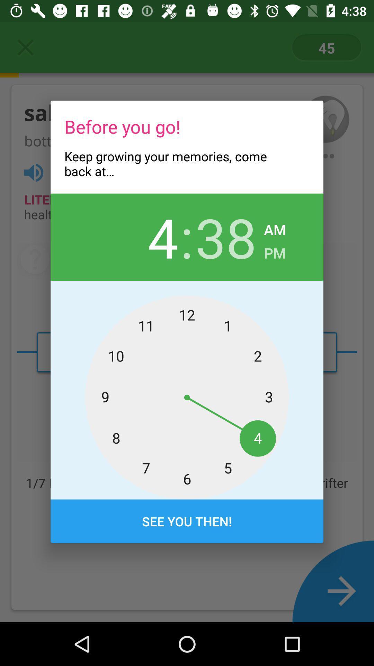  What do you see at coordinates (147, 237) in the screenshot?
I see `icon next to : icon` at bounding box center [147, 237].